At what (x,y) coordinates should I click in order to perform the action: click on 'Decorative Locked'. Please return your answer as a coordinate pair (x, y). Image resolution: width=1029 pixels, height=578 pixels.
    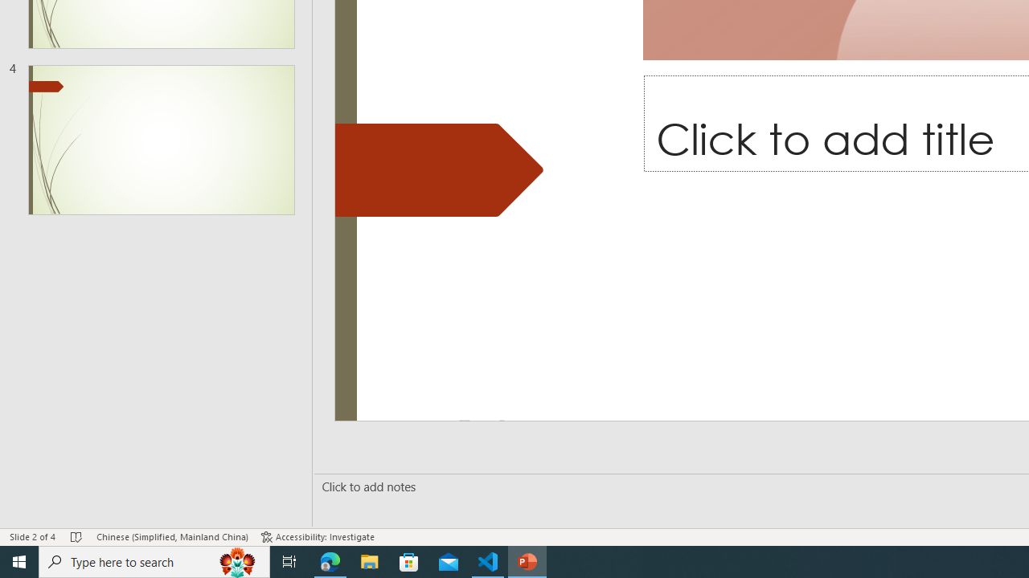
    Looking at the image, I should click on (439, 170).